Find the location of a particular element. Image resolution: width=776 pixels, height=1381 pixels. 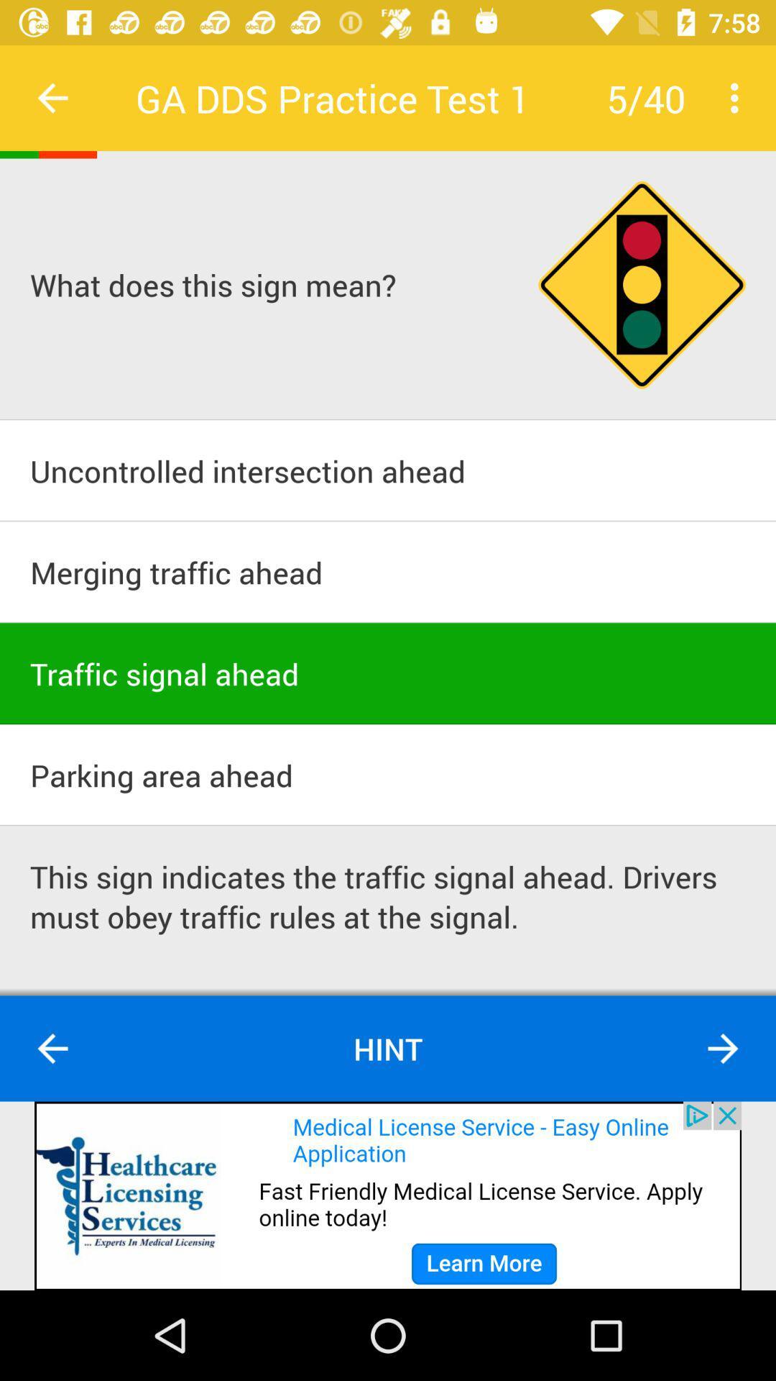

traffic light is located at coordinates (641, 285).